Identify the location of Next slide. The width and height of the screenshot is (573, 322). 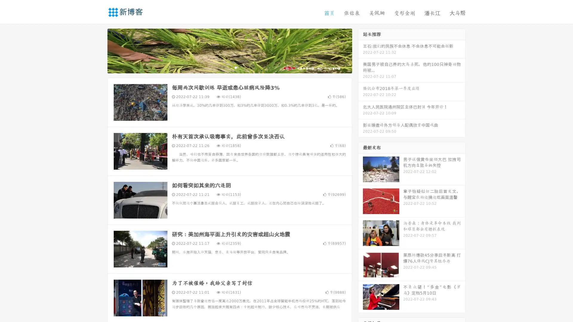
(361, 50).